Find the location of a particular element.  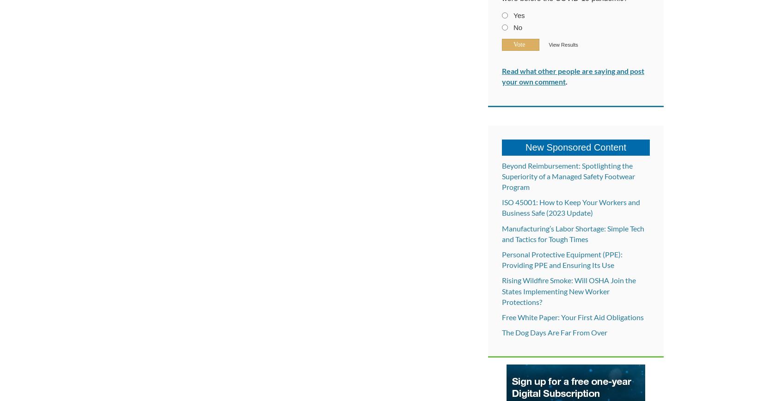

'Vote' is located at coordinates (519, 44).